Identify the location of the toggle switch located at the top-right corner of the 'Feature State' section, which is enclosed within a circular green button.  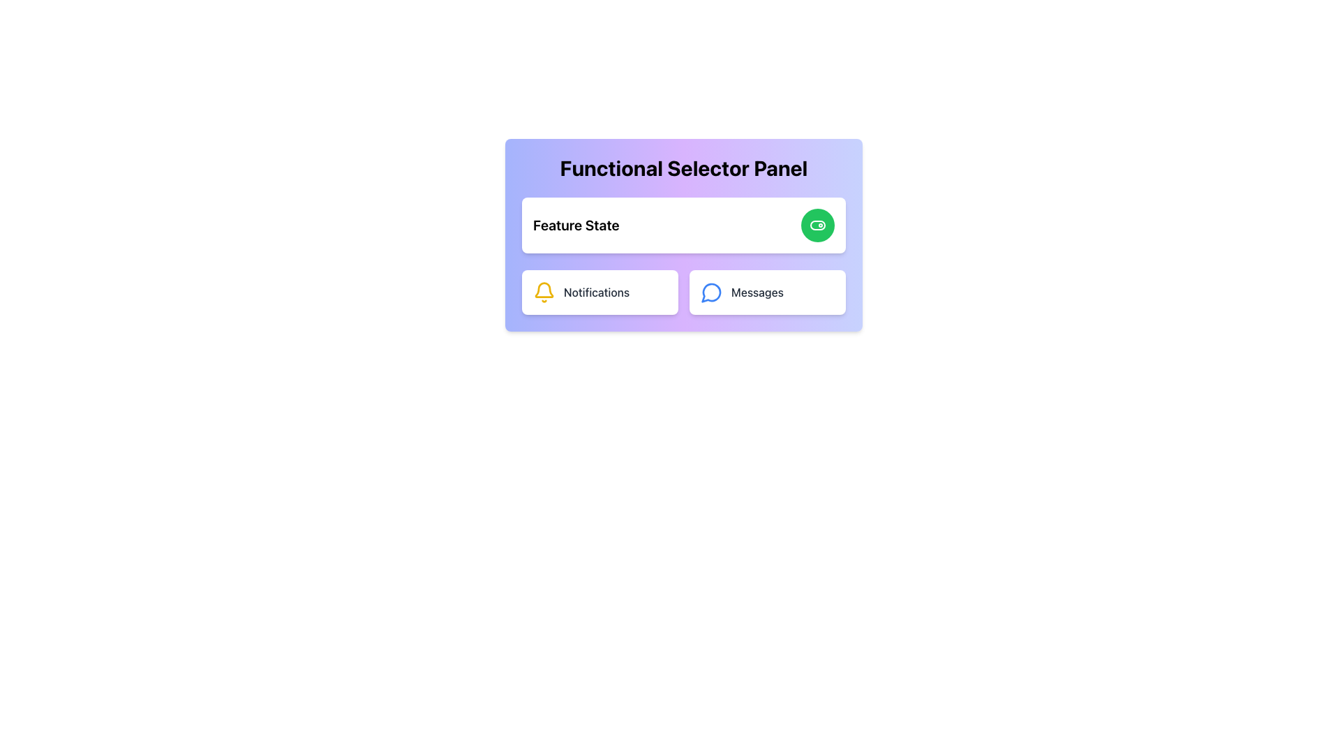
(817, 225).